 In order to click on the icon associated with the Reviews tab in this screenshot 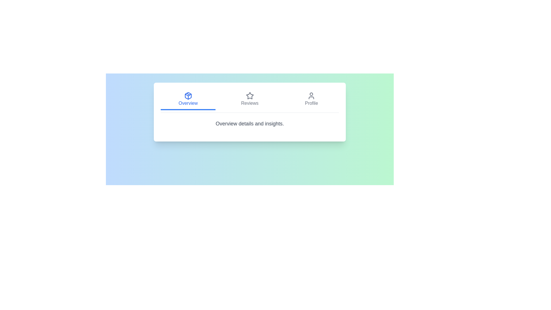, I will do `click(250, 96)`.